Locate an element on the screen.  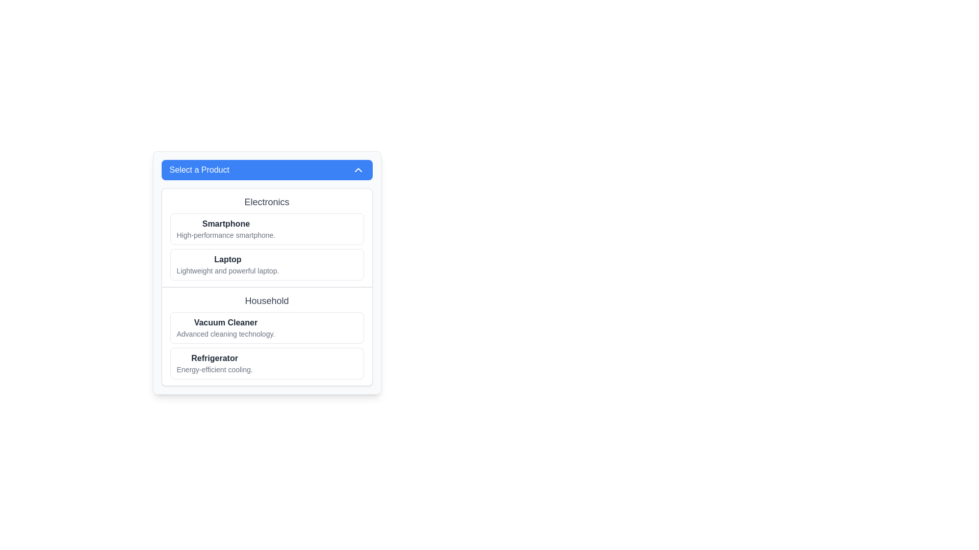
text label that displays 'Lightweight and powerful laptop.' located directly below the bold title 'Laptop' in the product description section is located at coordinates (227, 270).